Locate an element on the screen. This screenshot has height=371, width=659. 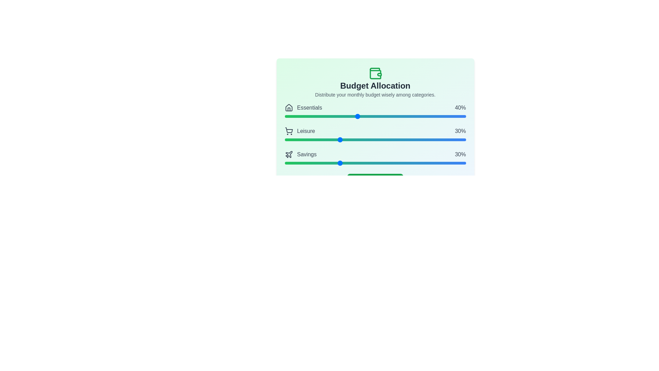
the 'Leisure' slider to 32% is located at coordinates (343, 139).